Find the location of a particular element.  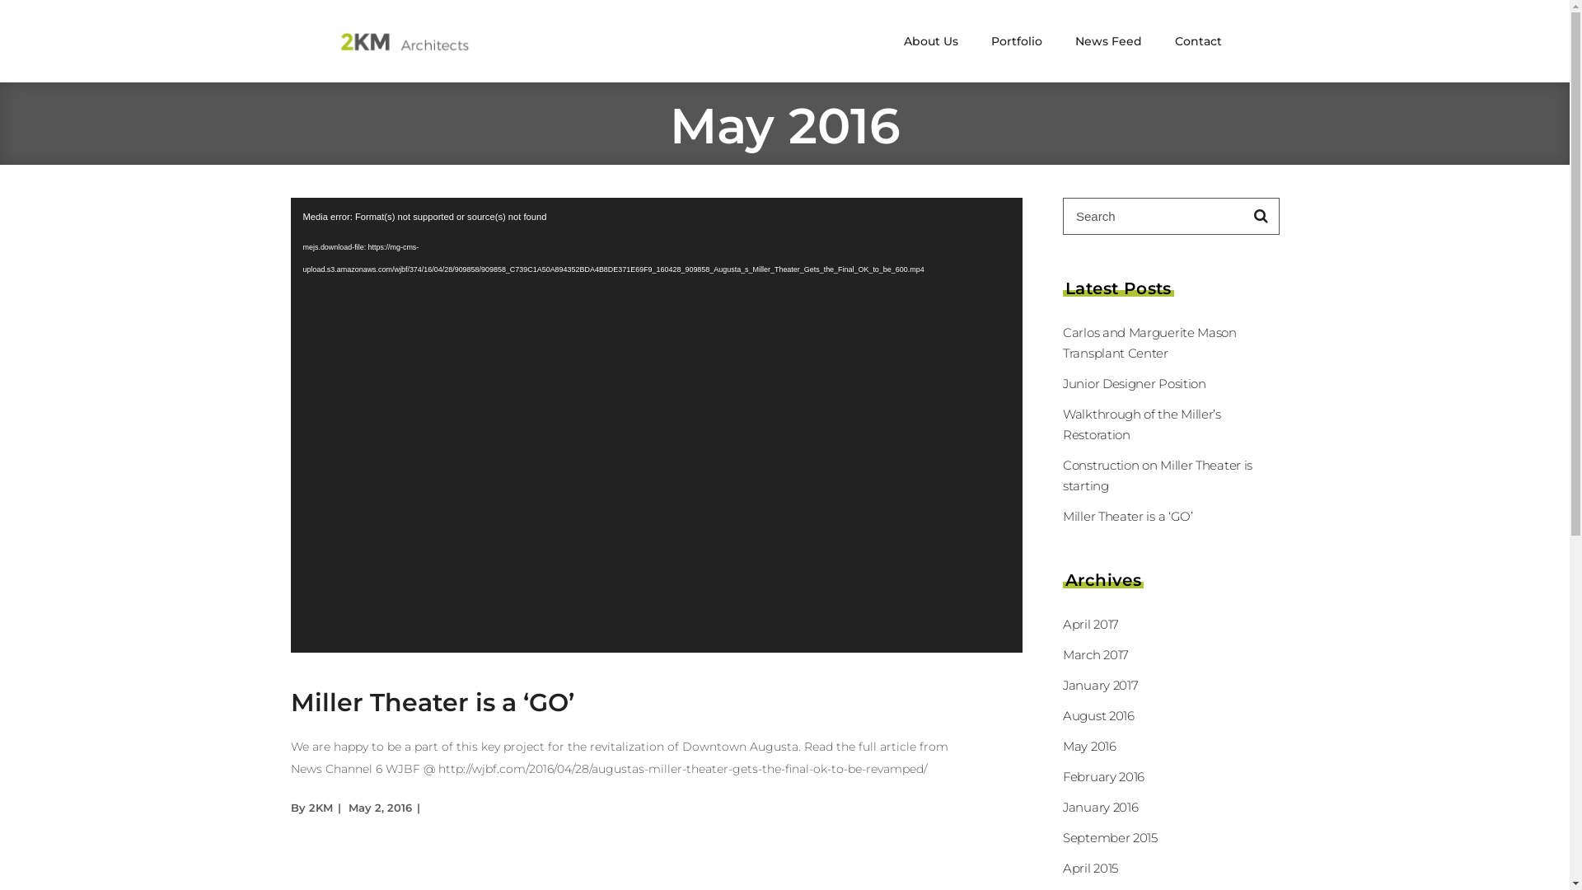

'Carlos and Marguerite Mason Transplant Center' is located at coordinates (1149, 342).